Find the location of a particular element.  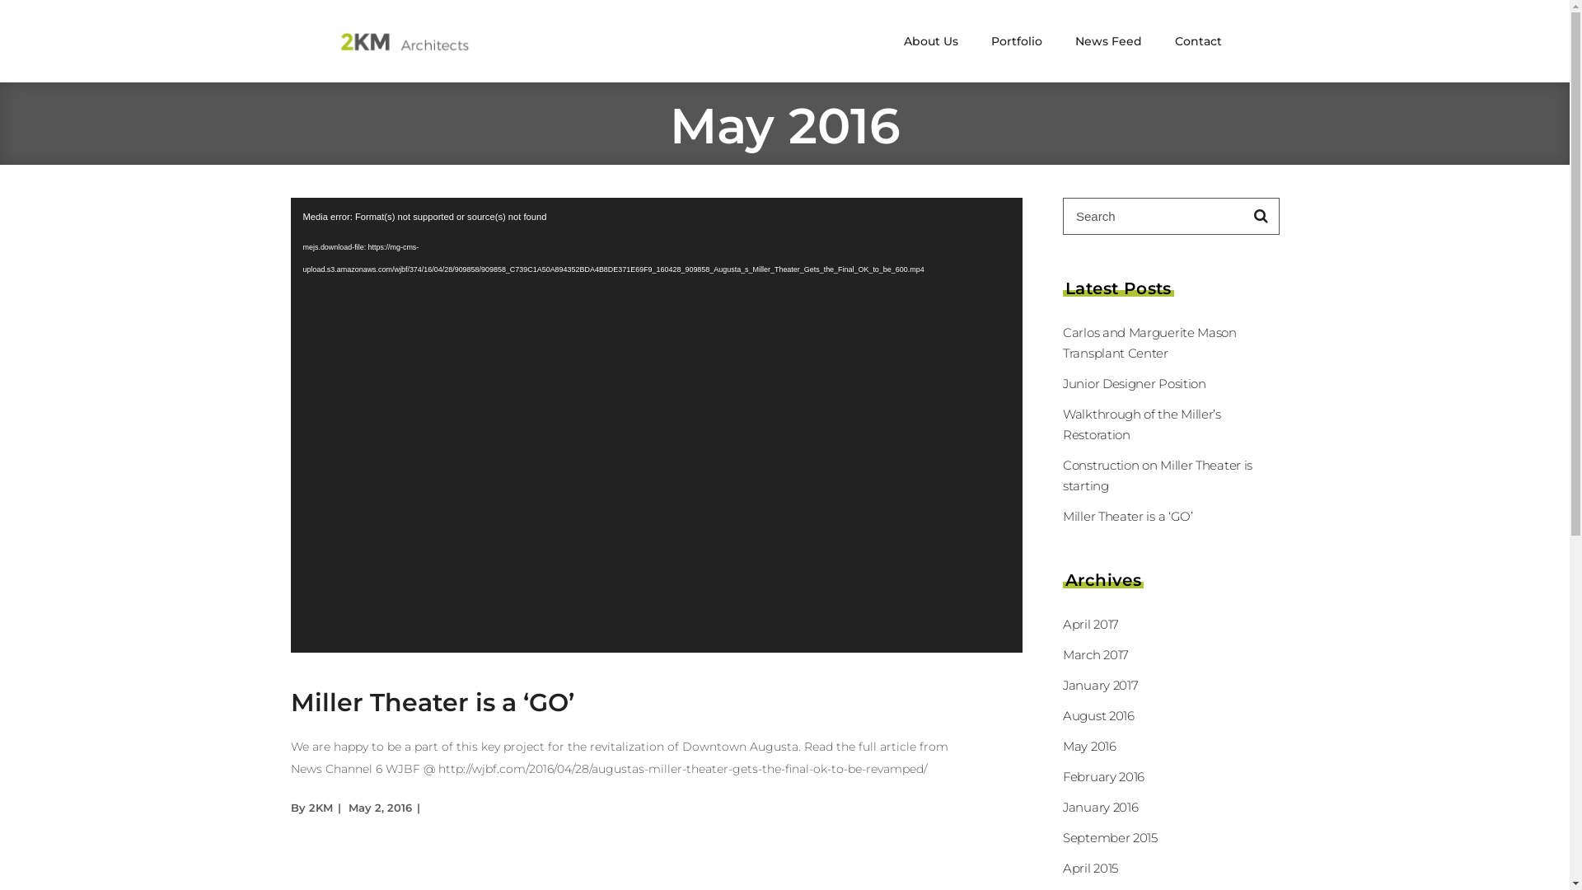

'Carlos and Marguerite Mason Transplant Center' is located at coordinates (1149, 342).